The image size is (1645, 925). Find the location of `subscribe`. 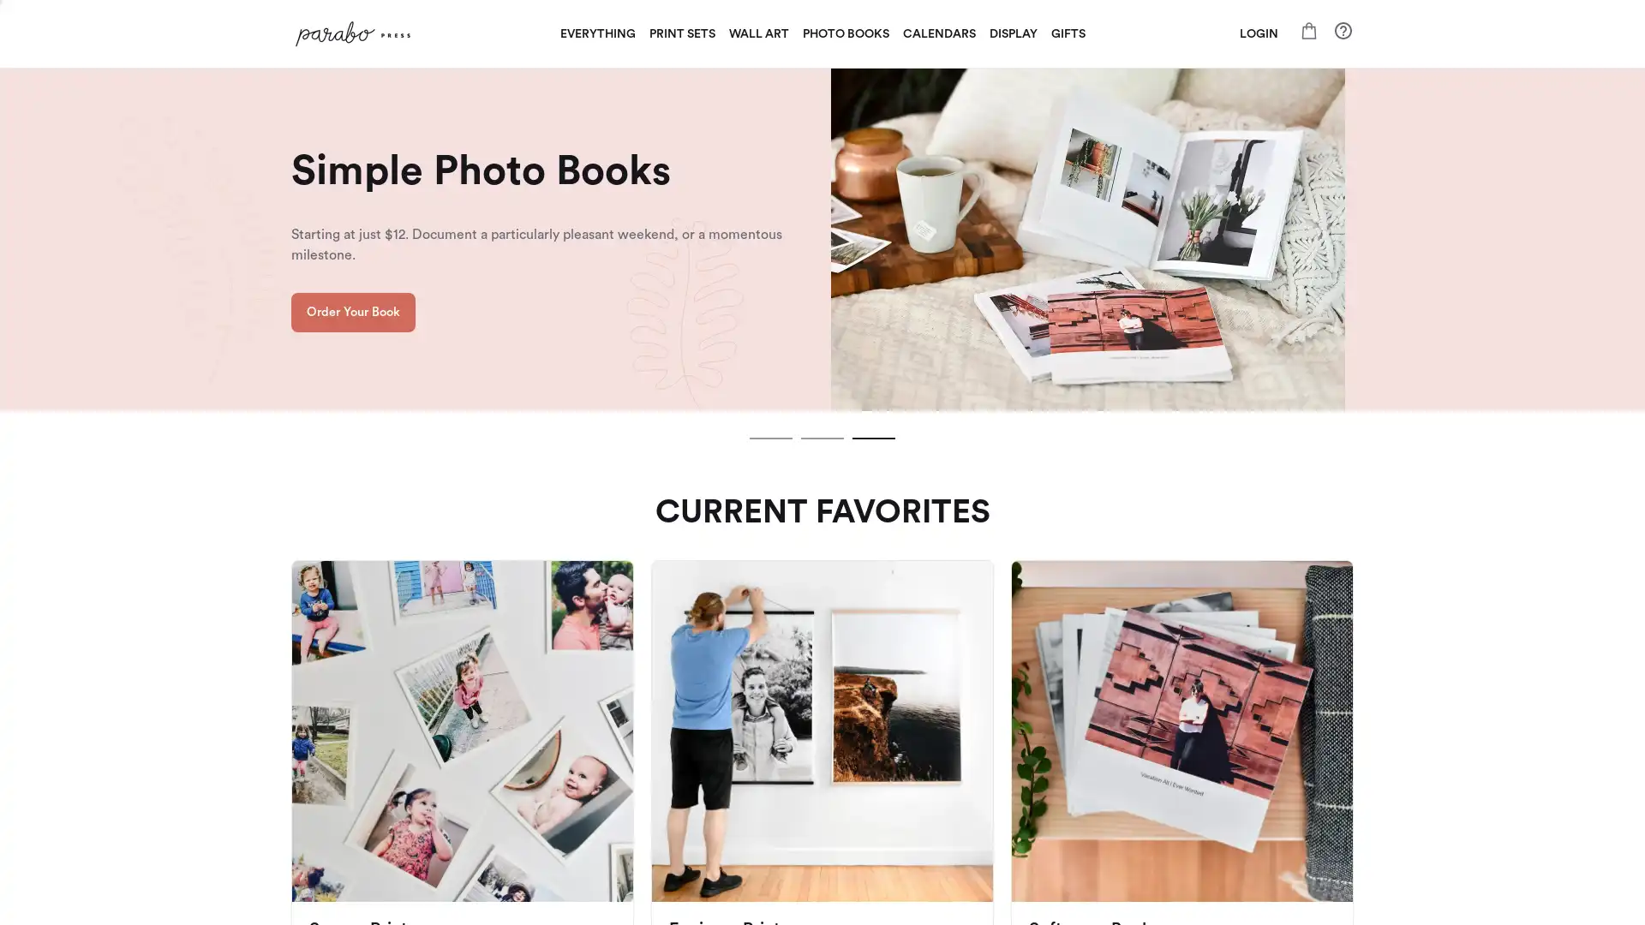

subscribe is located at coordinates (941, 659).